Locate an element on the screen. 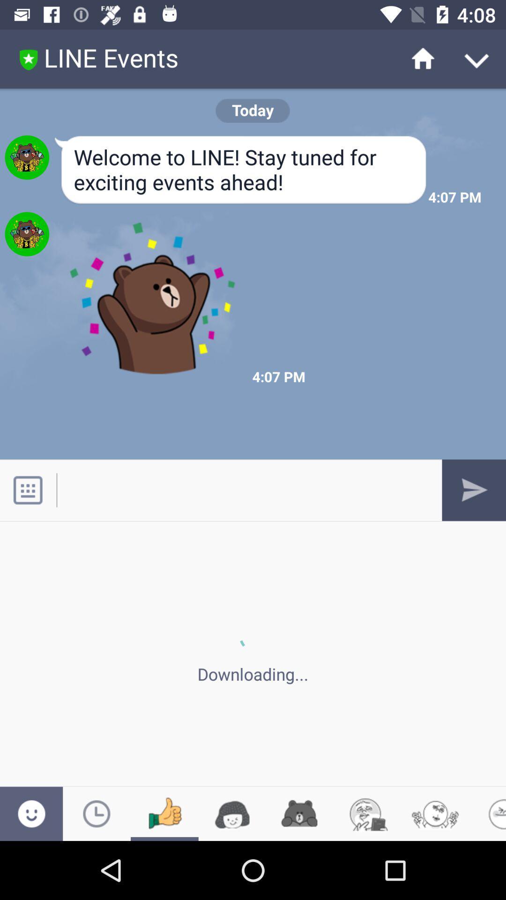 This screenshot has width=506, height=900. the emoji icon is located at coordinates (31, 813).